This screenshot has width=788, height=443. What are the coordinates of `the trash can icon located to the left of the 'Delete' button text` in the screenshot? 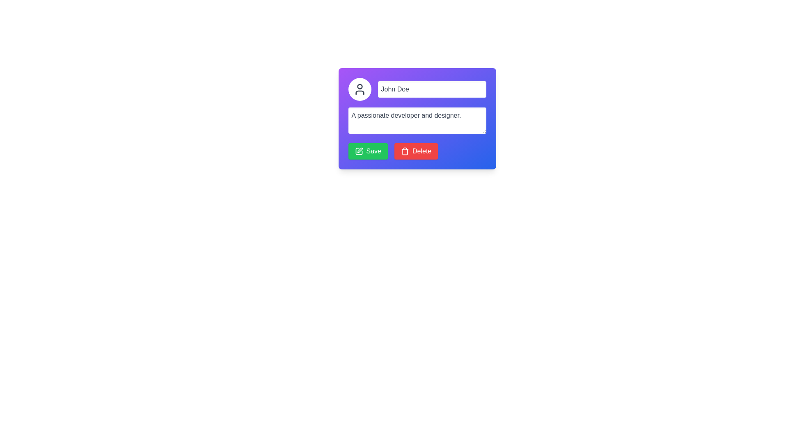 It's located at (405, 151).